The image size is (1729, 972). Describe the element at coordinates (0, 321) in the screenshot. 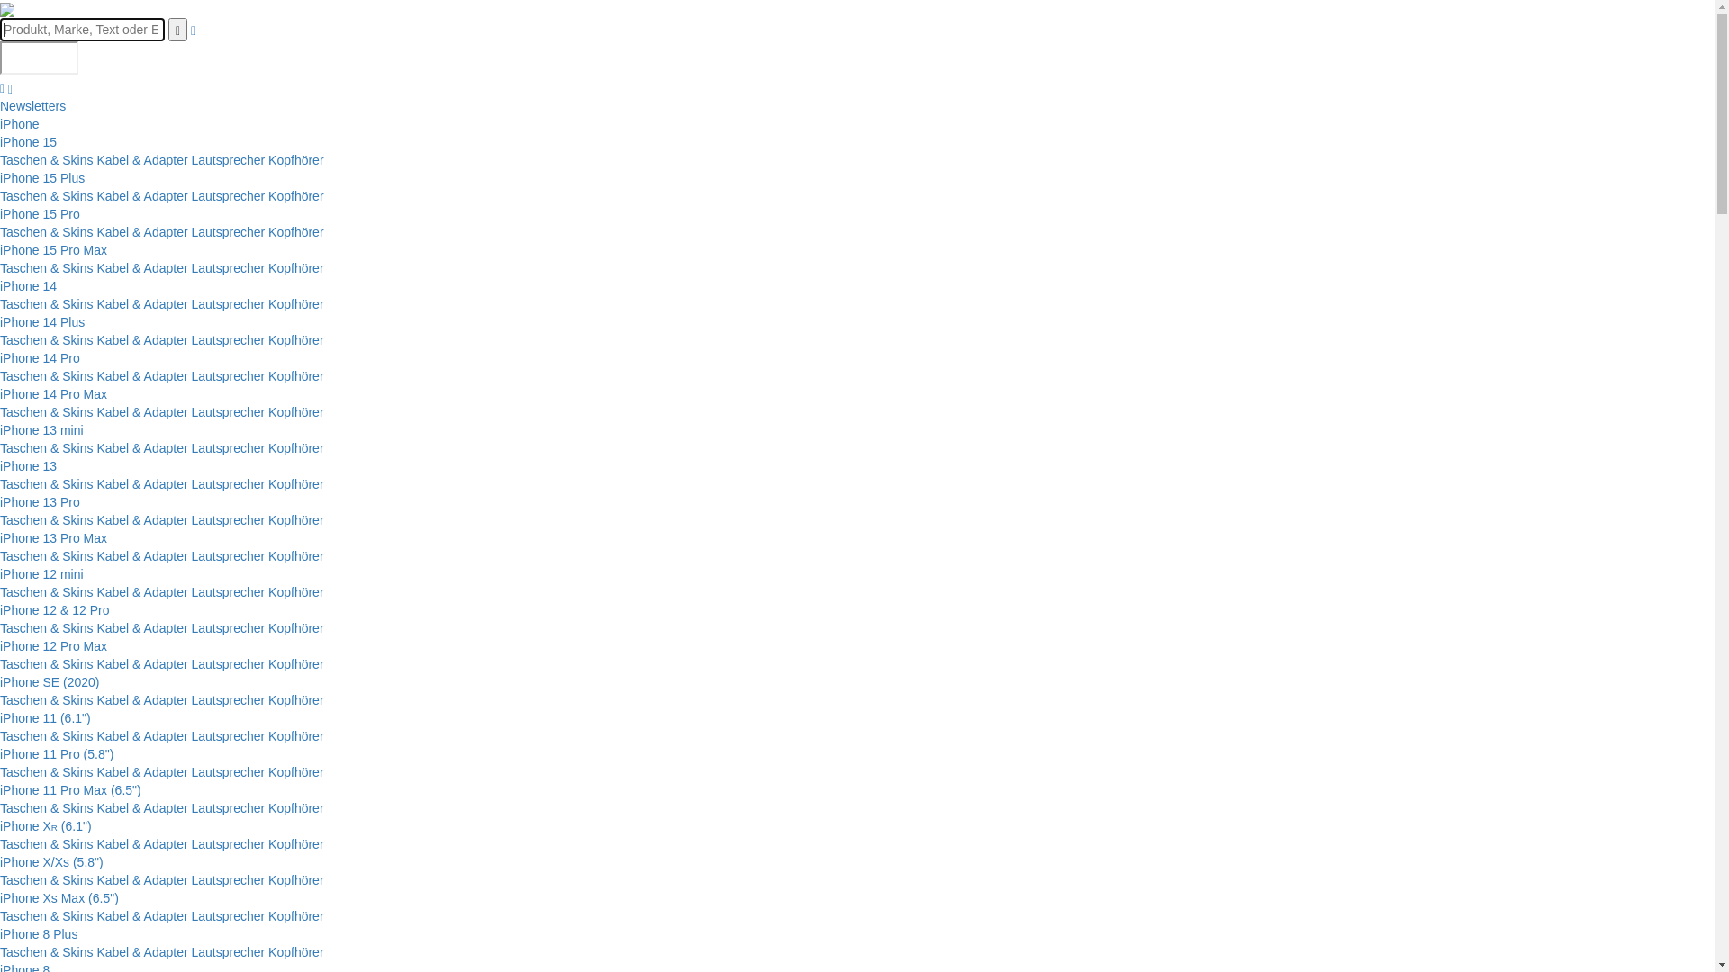

I see `'iPhone 14 Plus'` at that location.